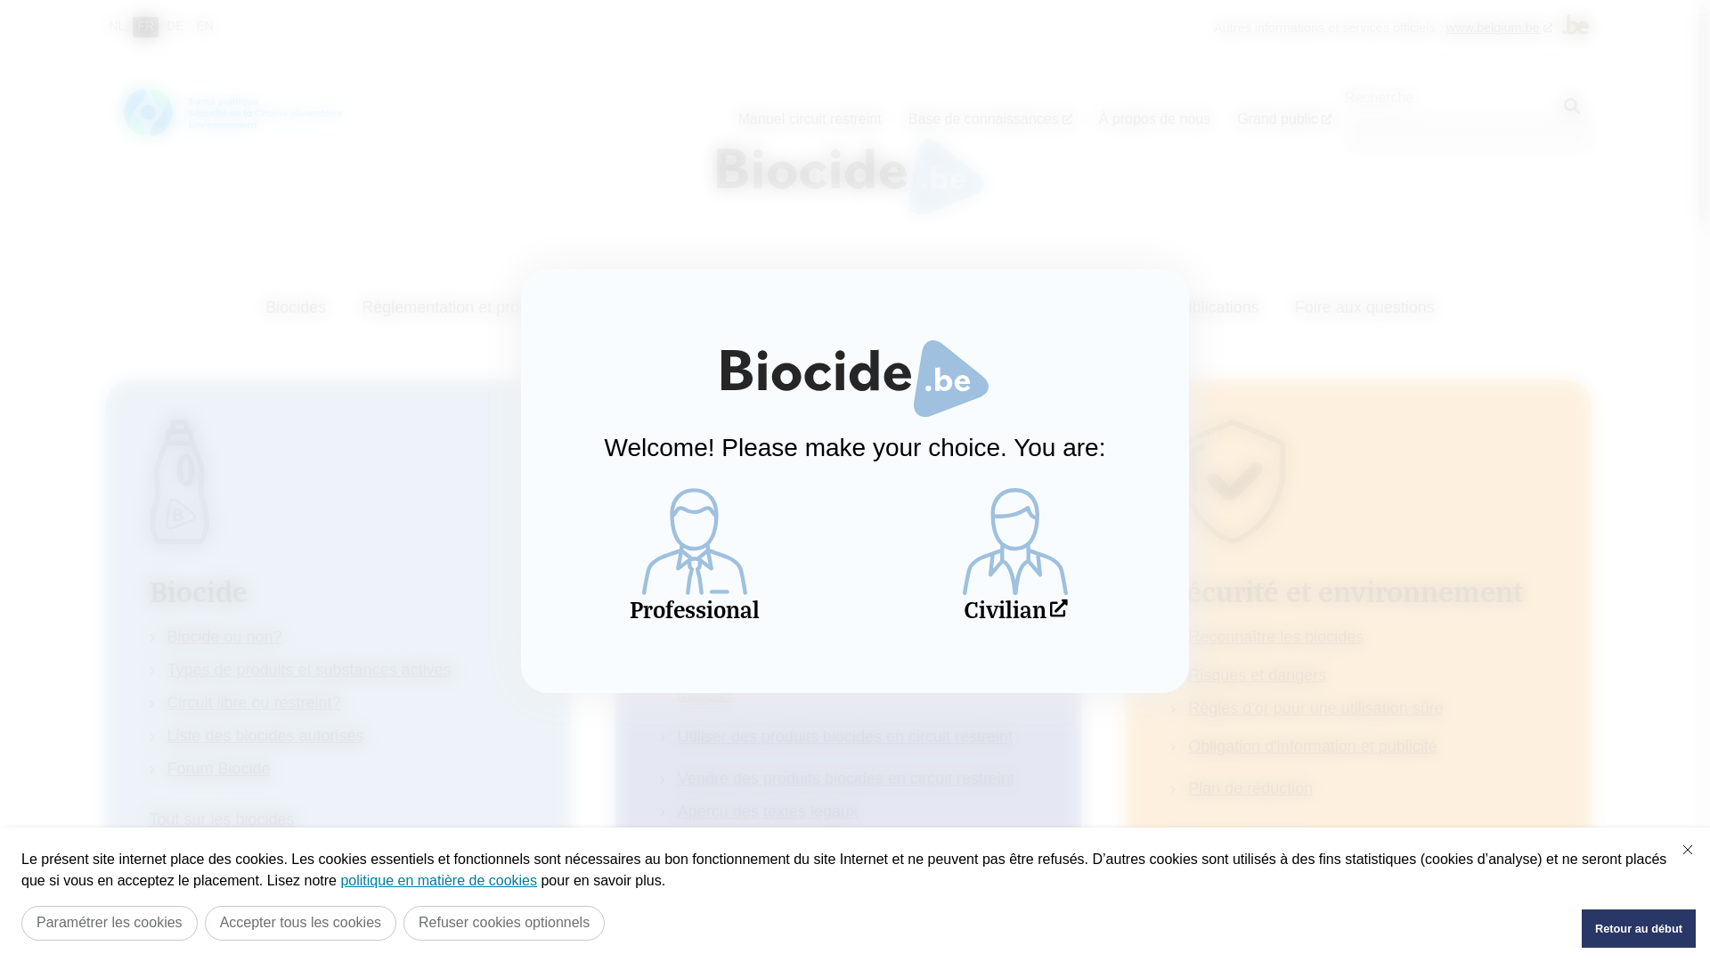  Describe the element at coordinates (253, 702) in the screenshot. I see `'Circuit libre ou restreint?'` at that location.